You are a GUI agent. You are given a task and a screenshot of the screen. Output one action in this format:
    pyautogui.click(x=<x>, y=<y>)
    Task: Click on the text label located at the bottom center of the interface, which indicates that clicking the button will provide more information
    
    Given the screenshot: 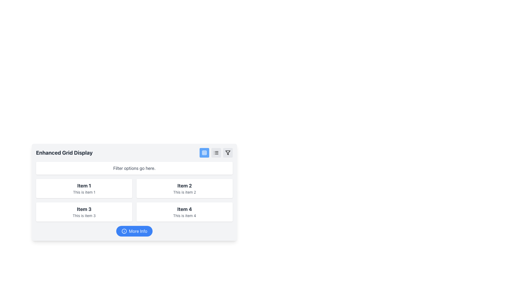 What is the action you would take?
    pyautogui.click(x=138, y=231)
    